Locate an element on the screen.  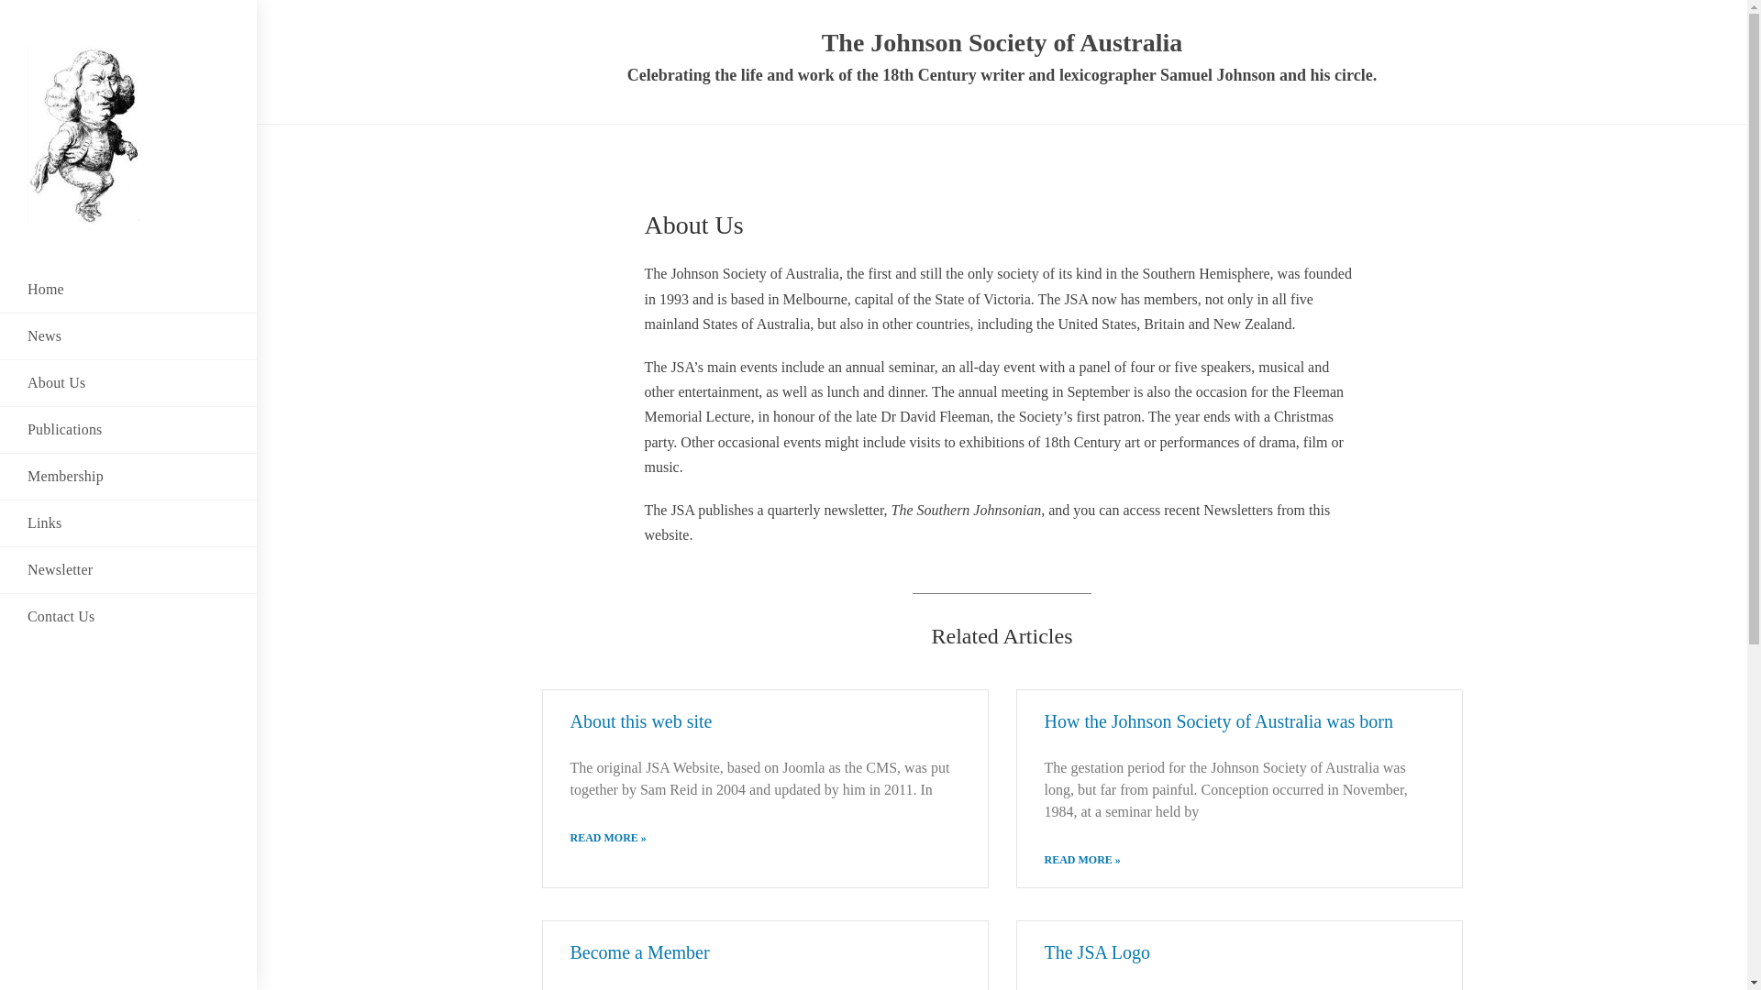
'Contact Us' is located at coordinates (127, 616).